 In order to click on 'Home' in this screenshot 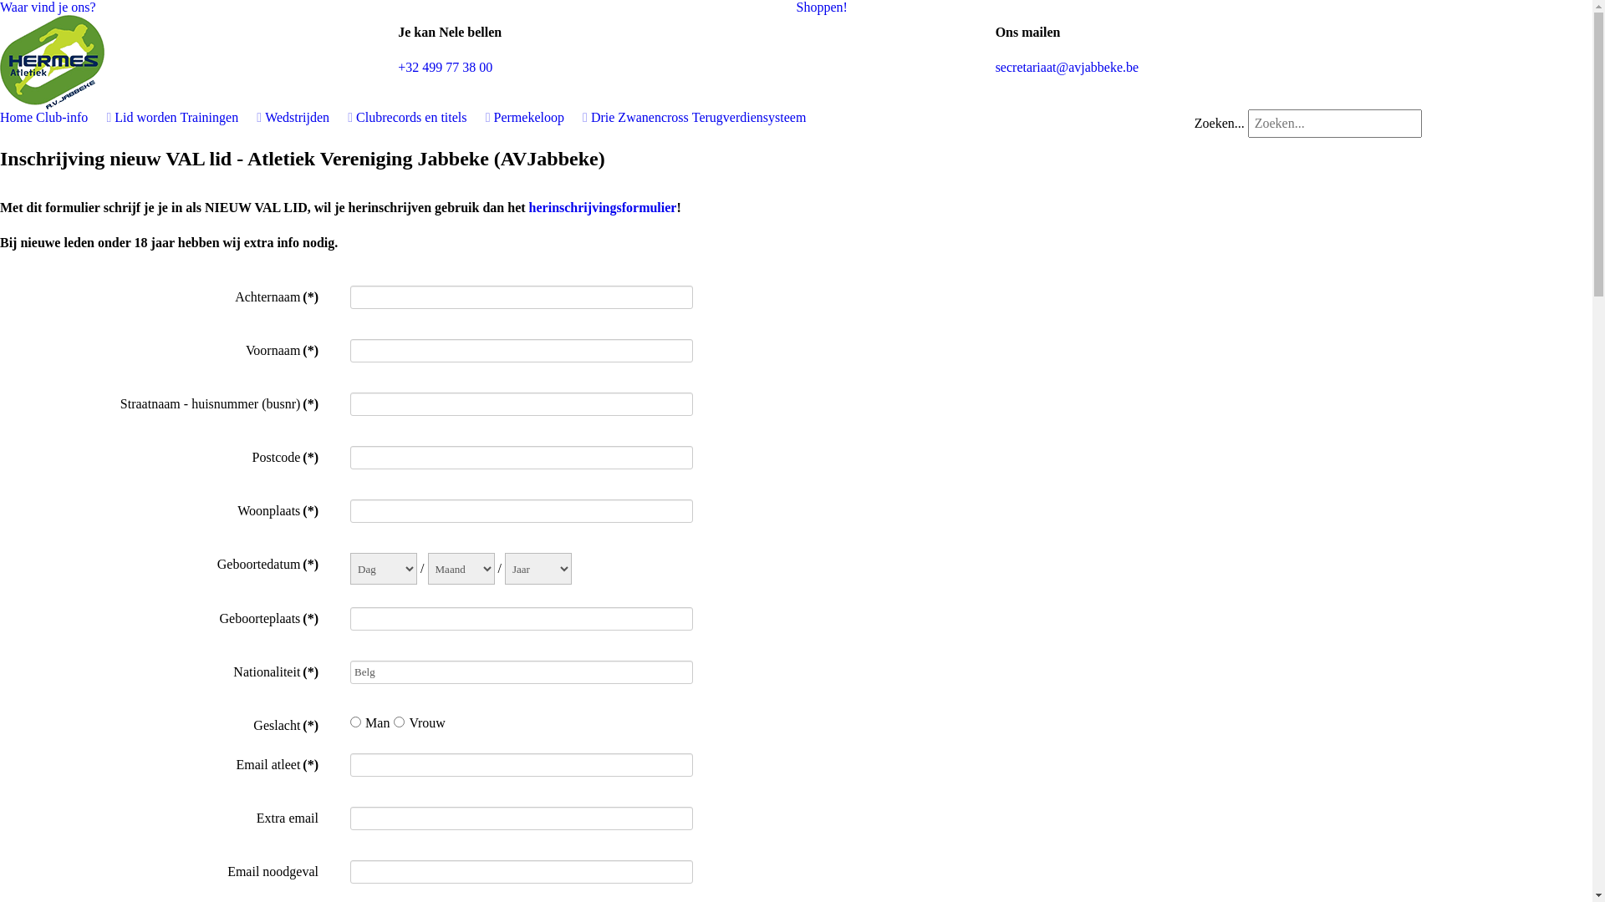, I will do `click(0, 116)`.